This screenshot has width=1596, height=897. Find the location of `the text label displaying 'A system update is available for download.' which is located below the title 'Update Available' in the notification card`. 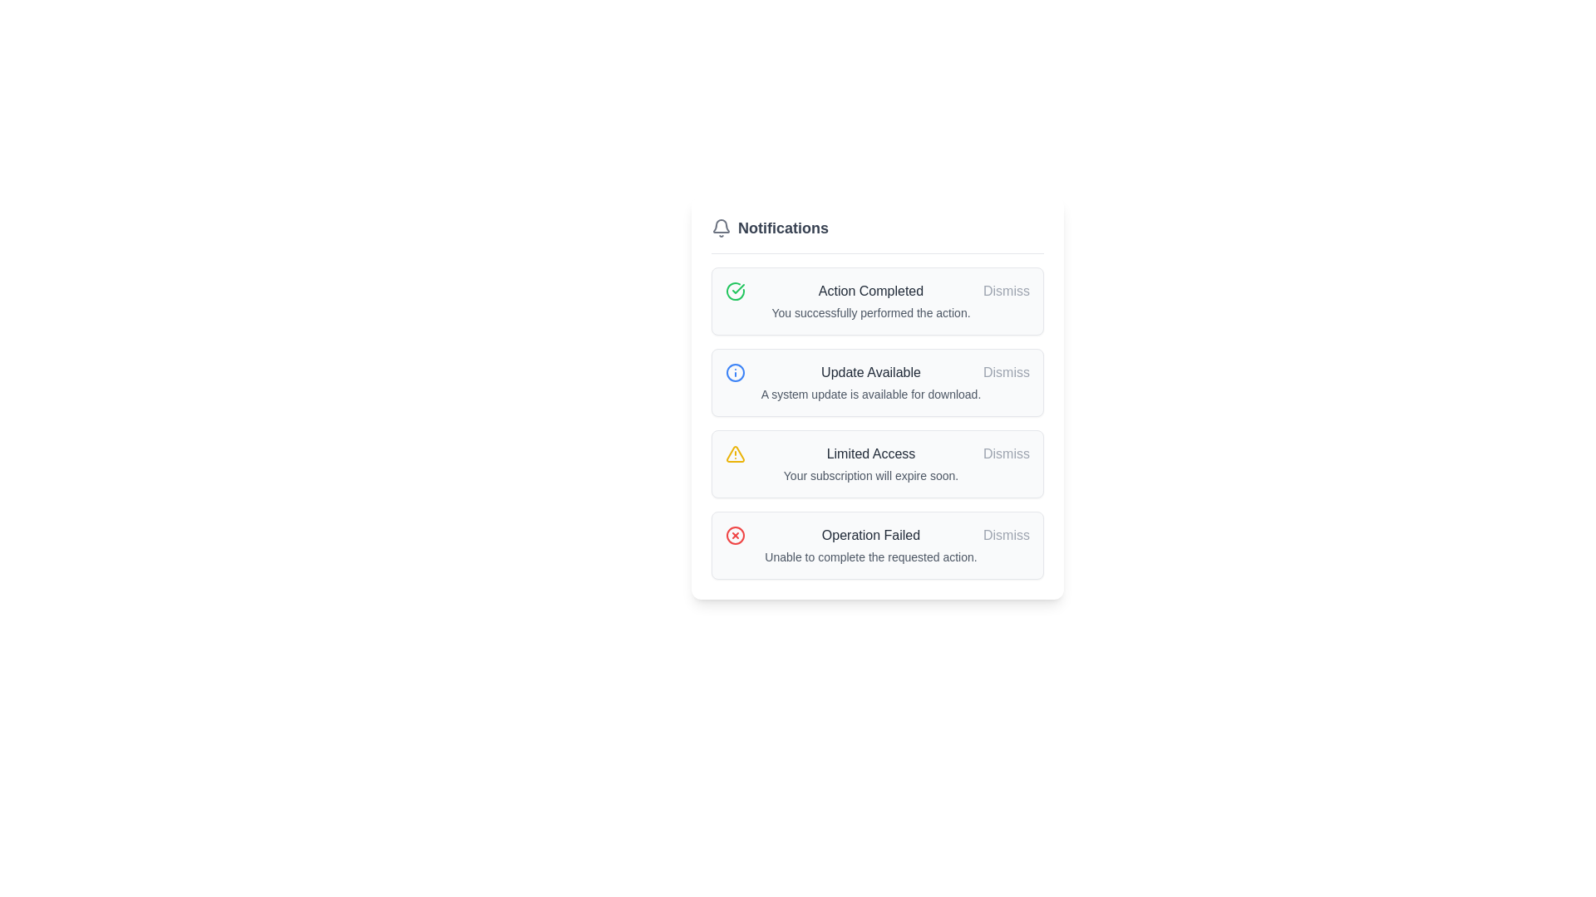

the text label displaying 'A system update is available for download.' which is located below the title 'Update Available' in the notification card is located at coordinates (869, 394).